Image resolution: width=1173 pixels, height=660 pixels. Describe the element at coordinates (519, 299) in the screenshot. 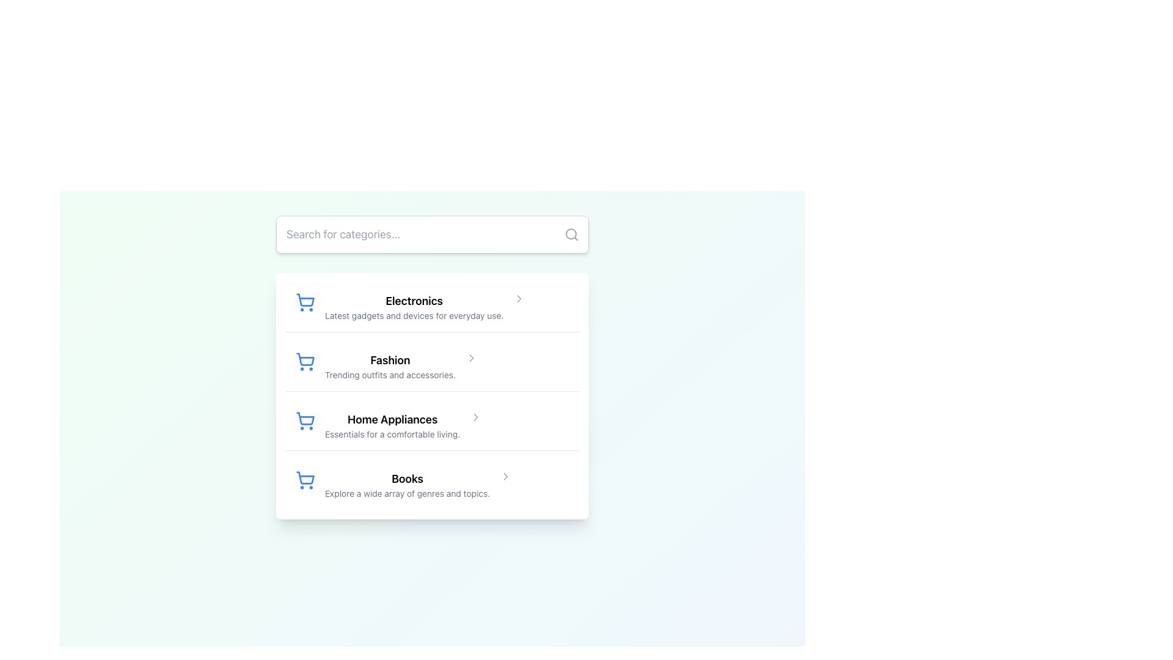

I see `the navigational arrow icon located on the right edge of the 'Electronics' list item to indicate it is clickable for further details` at that location.